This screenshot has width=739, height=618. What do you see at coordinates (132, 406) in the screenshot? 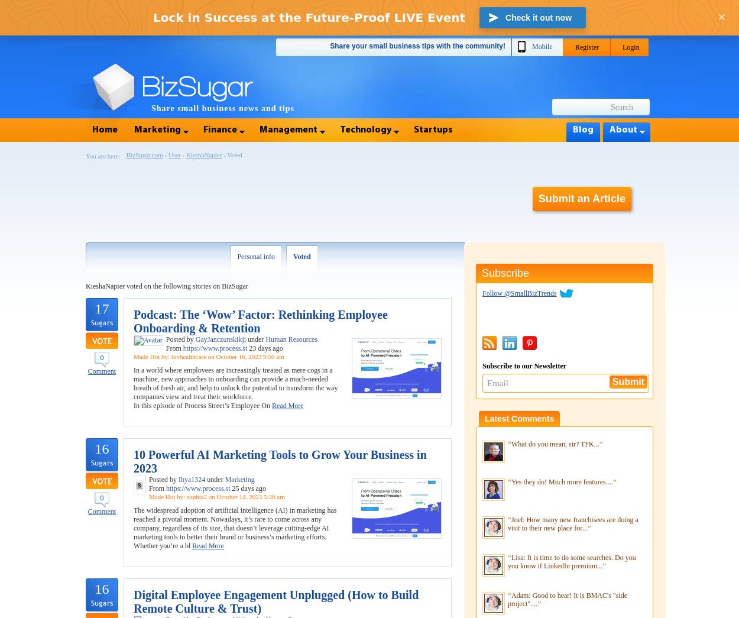
I see `'In this episode of Process Street’s Employee On'` at bounding box center [132, 406].